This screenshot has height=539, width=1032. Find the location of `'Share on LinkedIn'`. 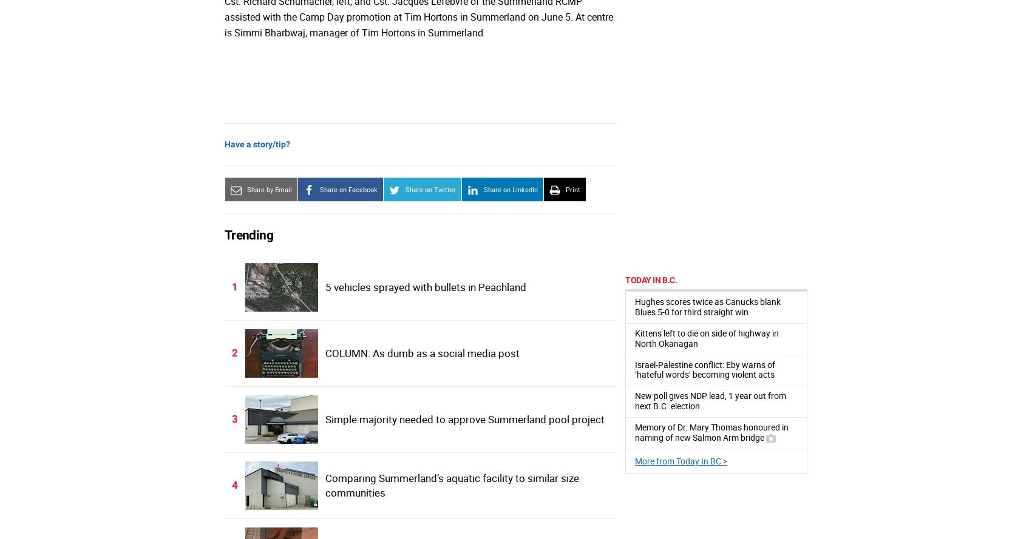

'Share on LinkedIn' is located at coordinates (510, 189).